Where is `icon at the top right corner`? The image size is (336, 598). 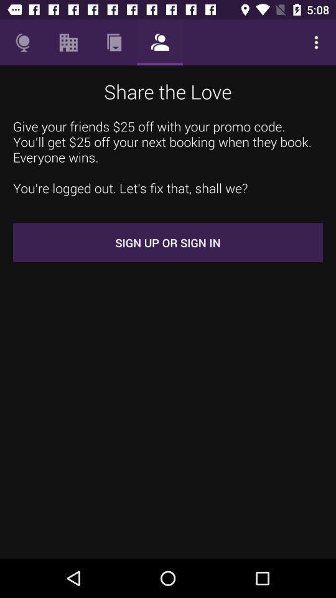 icon at the top right corner is located at coordinates (316, 42).